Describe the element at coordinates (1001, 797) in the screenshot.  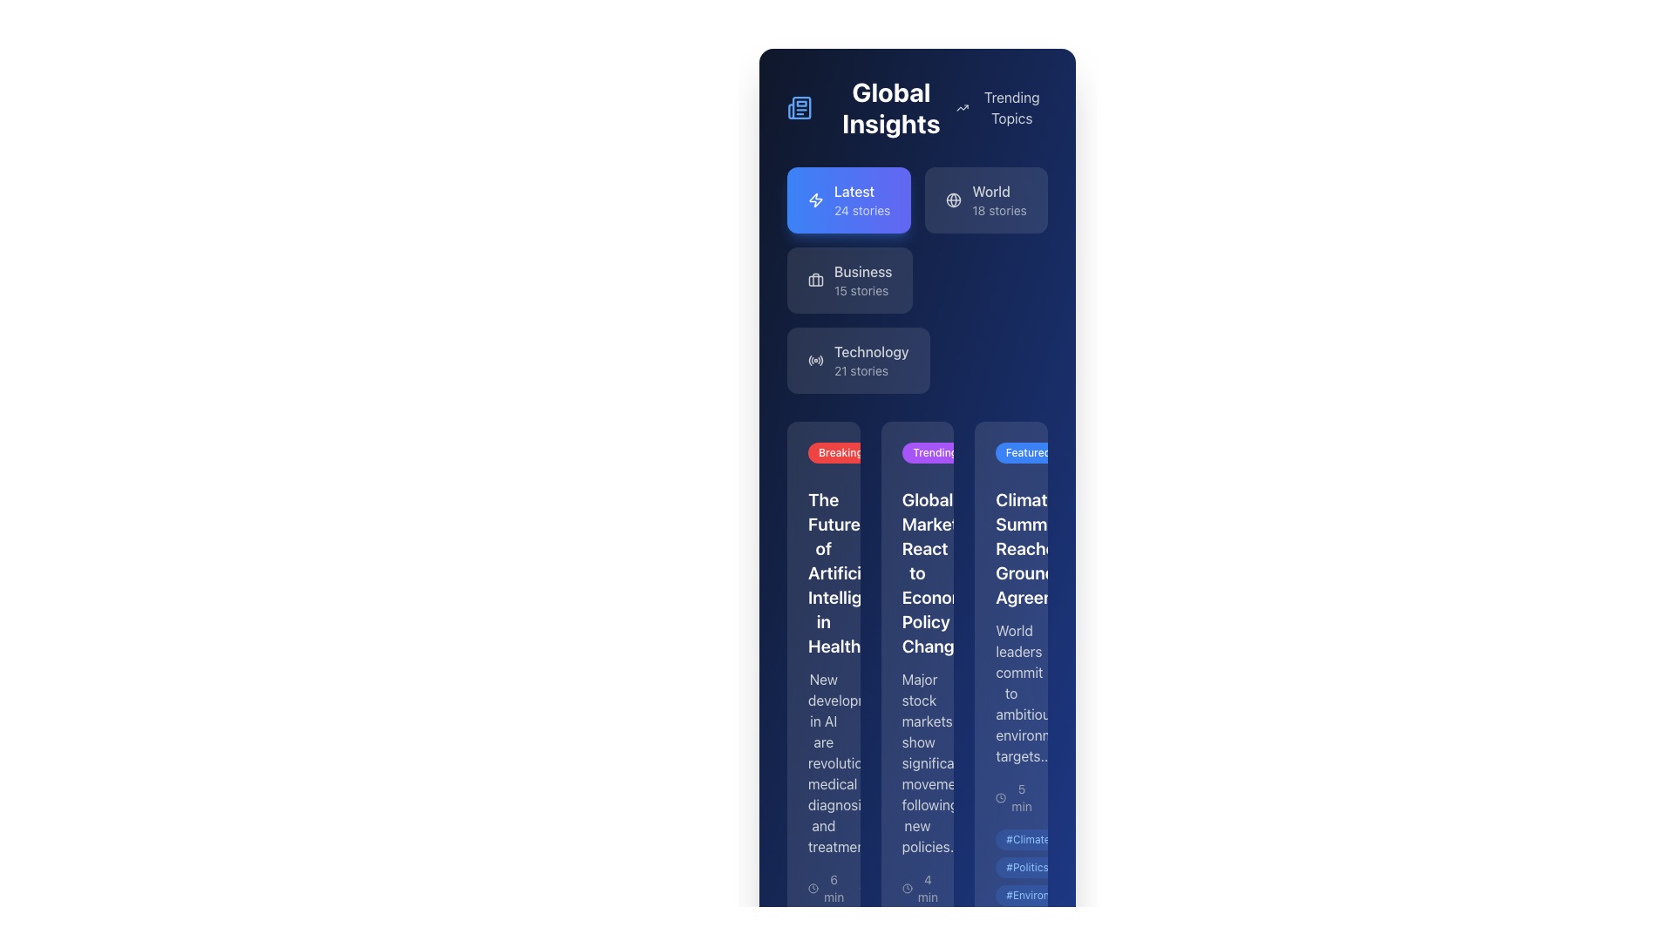
I see `the first SVG Circle Element, which is part of a round icon in the 'Featured' category, positioned at the bottom center of the third content column` at that location.